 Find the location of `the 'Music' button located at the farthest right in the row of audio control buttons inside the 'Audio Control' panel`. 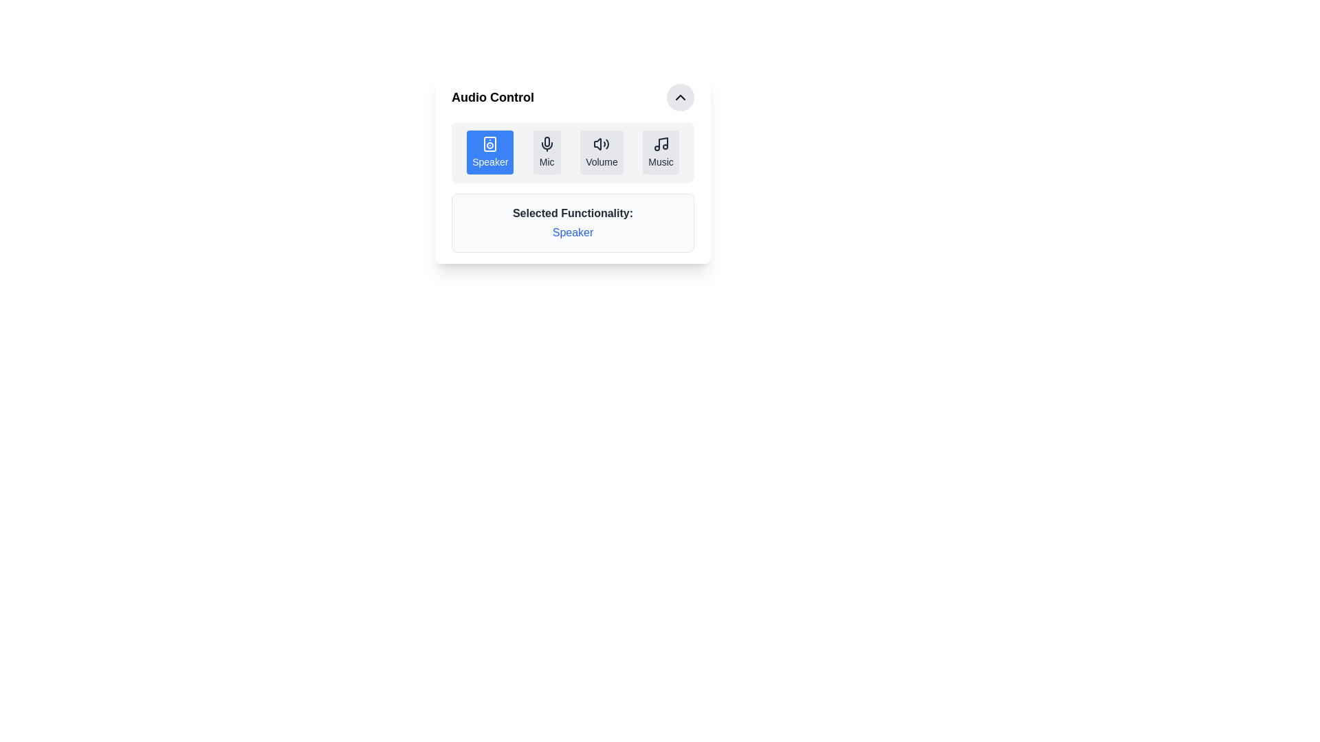

the 'Music' button located at the farthest right in the row of audio control buttons inside the 'Audio Control' panel is located at coordinates (661, 153).